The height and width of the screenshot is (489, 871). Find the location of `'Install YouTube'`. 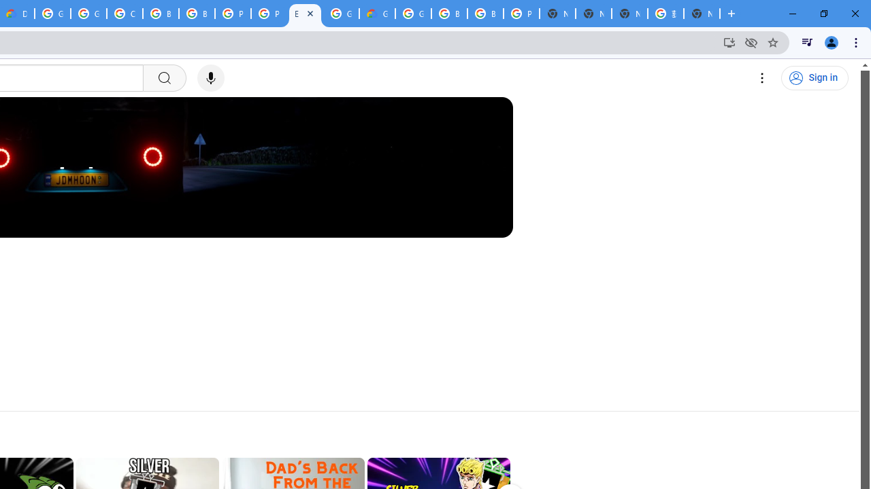

'Install YouTube' is located at coordinates (729, 41).